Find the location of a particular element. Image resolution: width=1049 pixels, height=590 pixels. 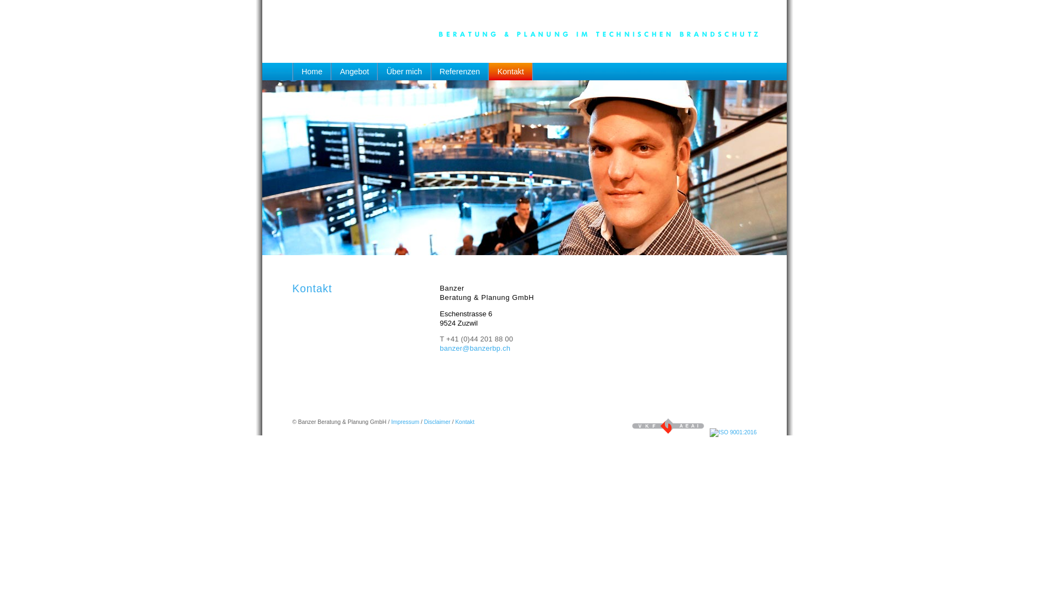

'Home' is located at coordinates (311, 74).